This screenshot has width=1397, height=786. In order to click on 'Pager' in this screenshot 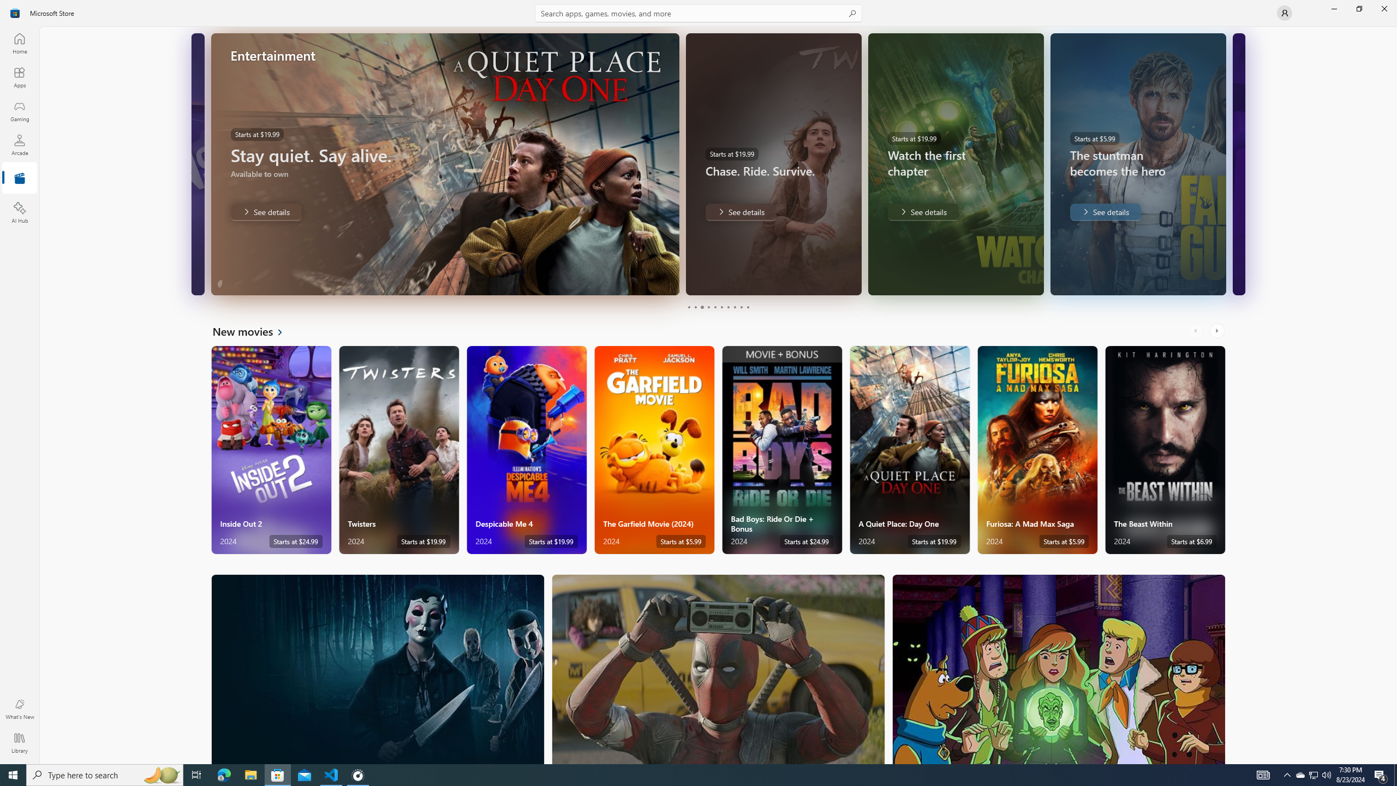, I will do `click(718, 307)`.